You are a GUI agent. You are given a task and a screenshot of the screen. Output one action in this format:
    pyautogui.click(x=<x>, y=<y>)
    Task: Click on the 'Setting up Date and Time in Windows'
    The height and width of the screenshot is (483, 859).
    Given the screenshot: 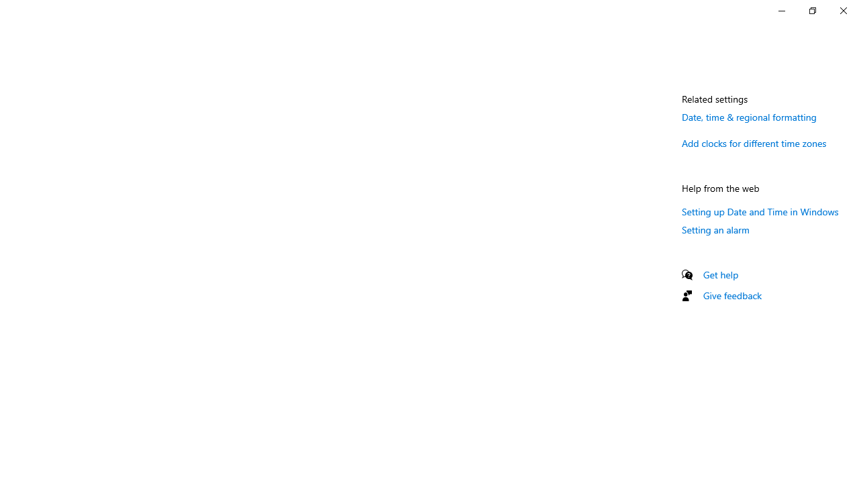 What is the action you would take?
    pyautogui.click(x=760, y=211)
    